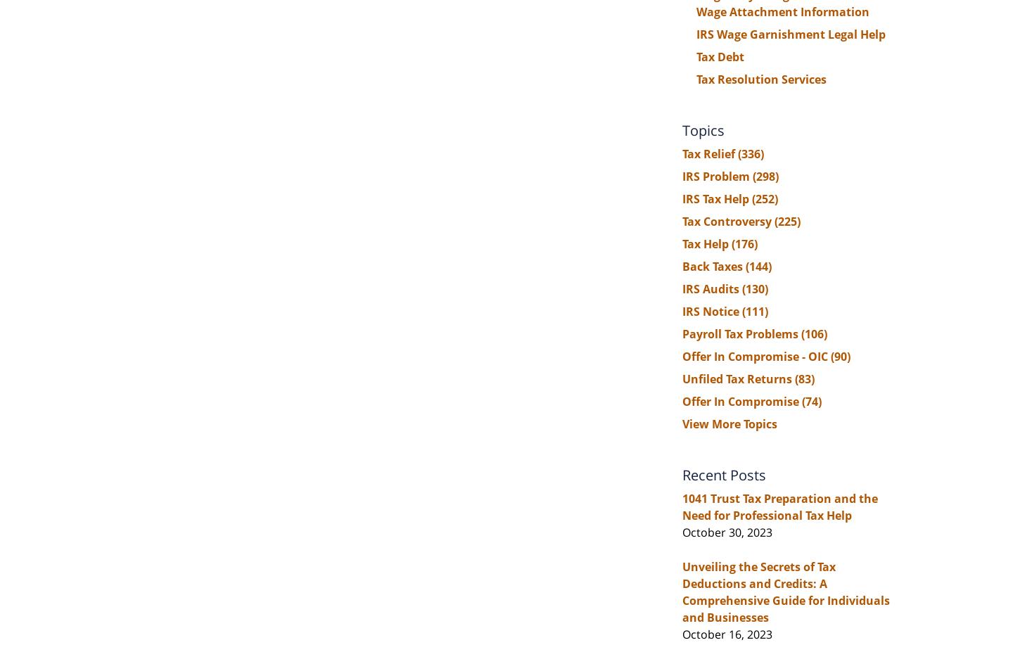  Describe the element at coordinates (681, 333) in the screenshot. I see `'Payroll Tax Problems'` at that location.